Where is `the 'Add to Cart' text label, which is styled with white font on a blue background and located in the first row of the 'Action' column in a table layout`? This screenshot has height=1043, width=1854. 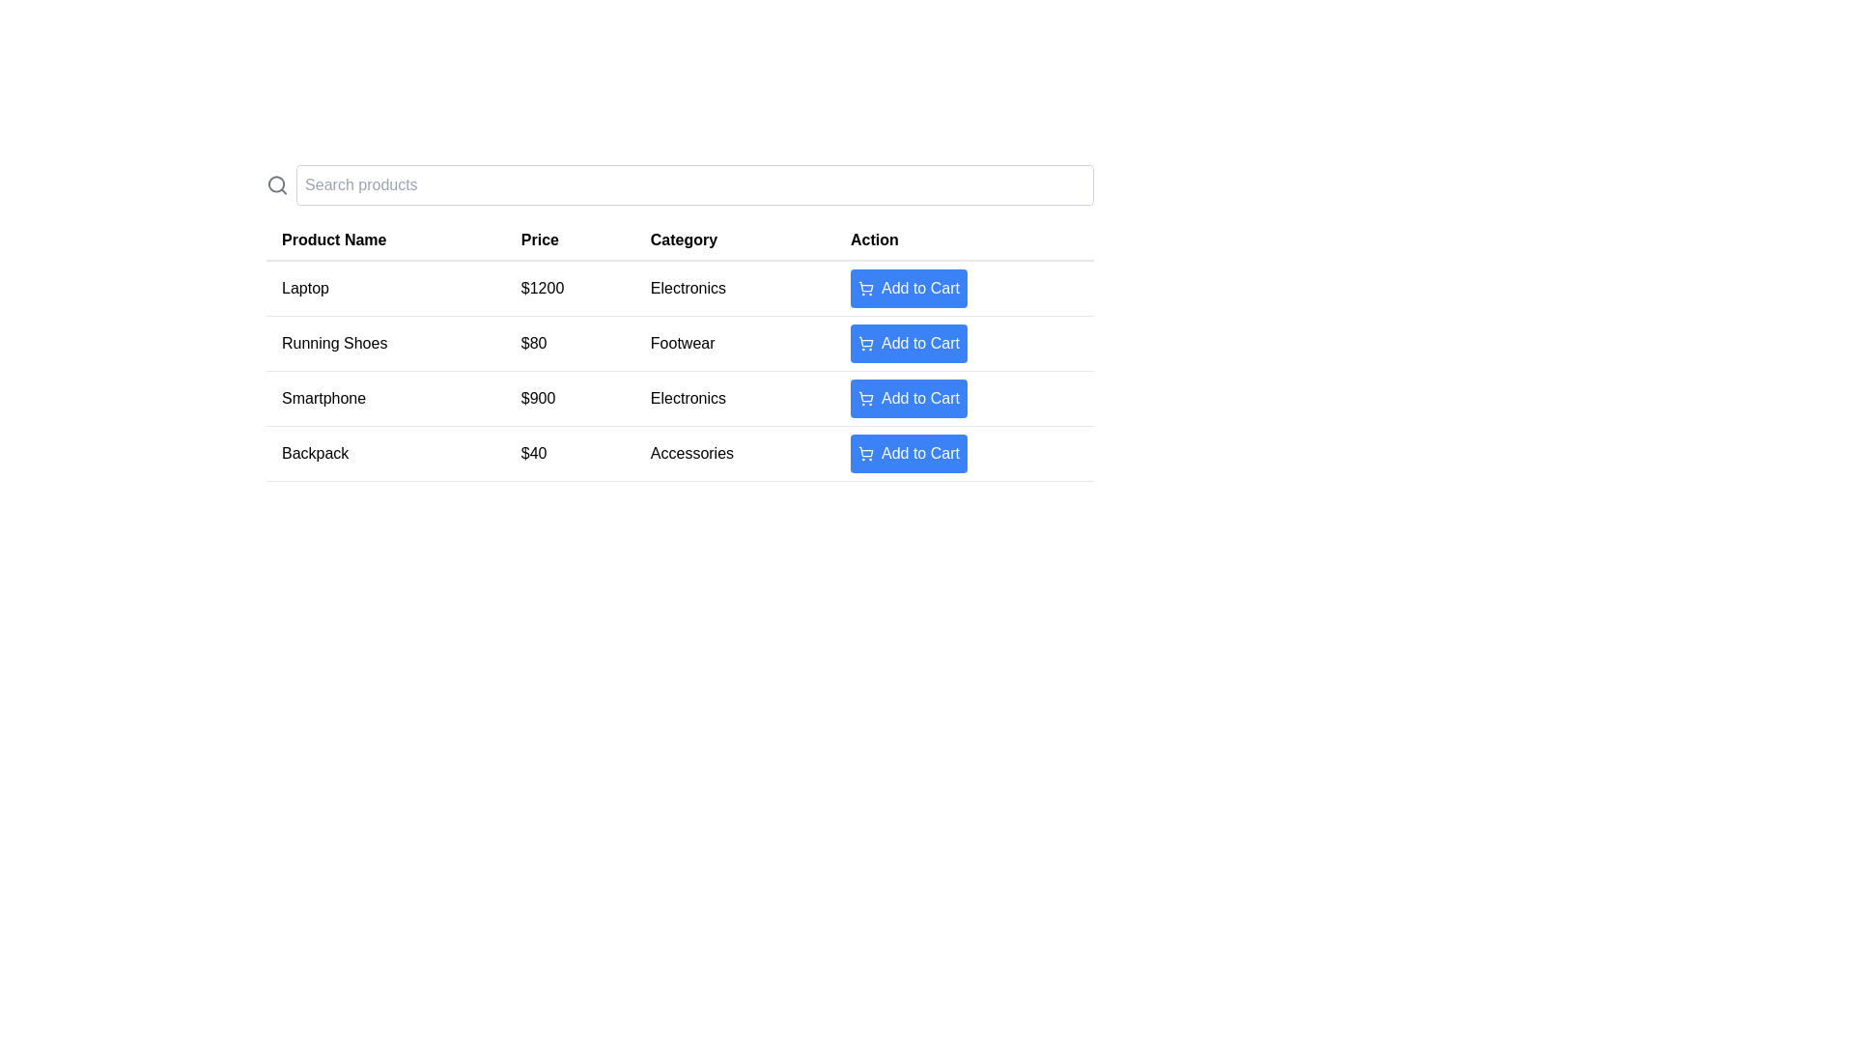 the 'Add to Cart' text label, which is styled with white font on a blue background and located in the first row of the 'Action' column in a table layout is located at coordinates (919, 289).